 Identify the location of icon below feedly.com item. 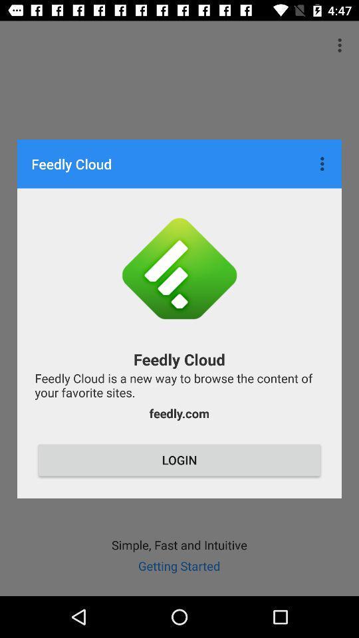
(179, 460).